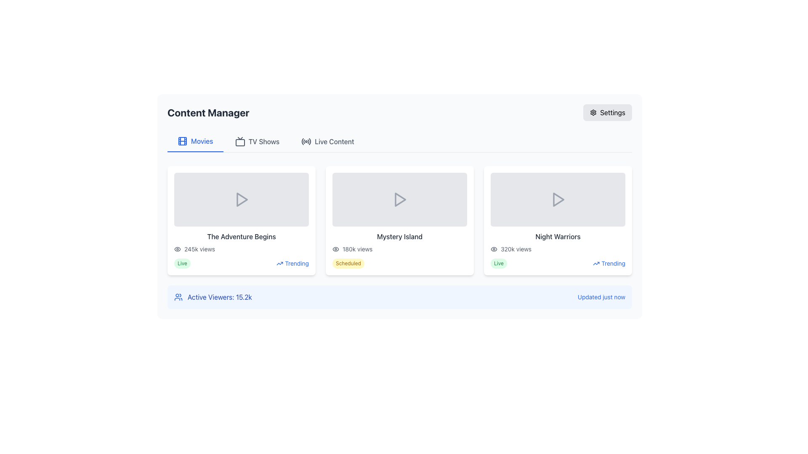 The image size is (808, 454). I want to click on the 'Live Content' button with radio signal waves icon, so click(327, 141).